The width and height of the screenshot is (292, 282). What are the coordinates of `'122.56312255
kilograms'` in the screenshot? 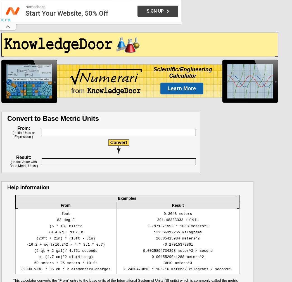 It's located at (177, 232).